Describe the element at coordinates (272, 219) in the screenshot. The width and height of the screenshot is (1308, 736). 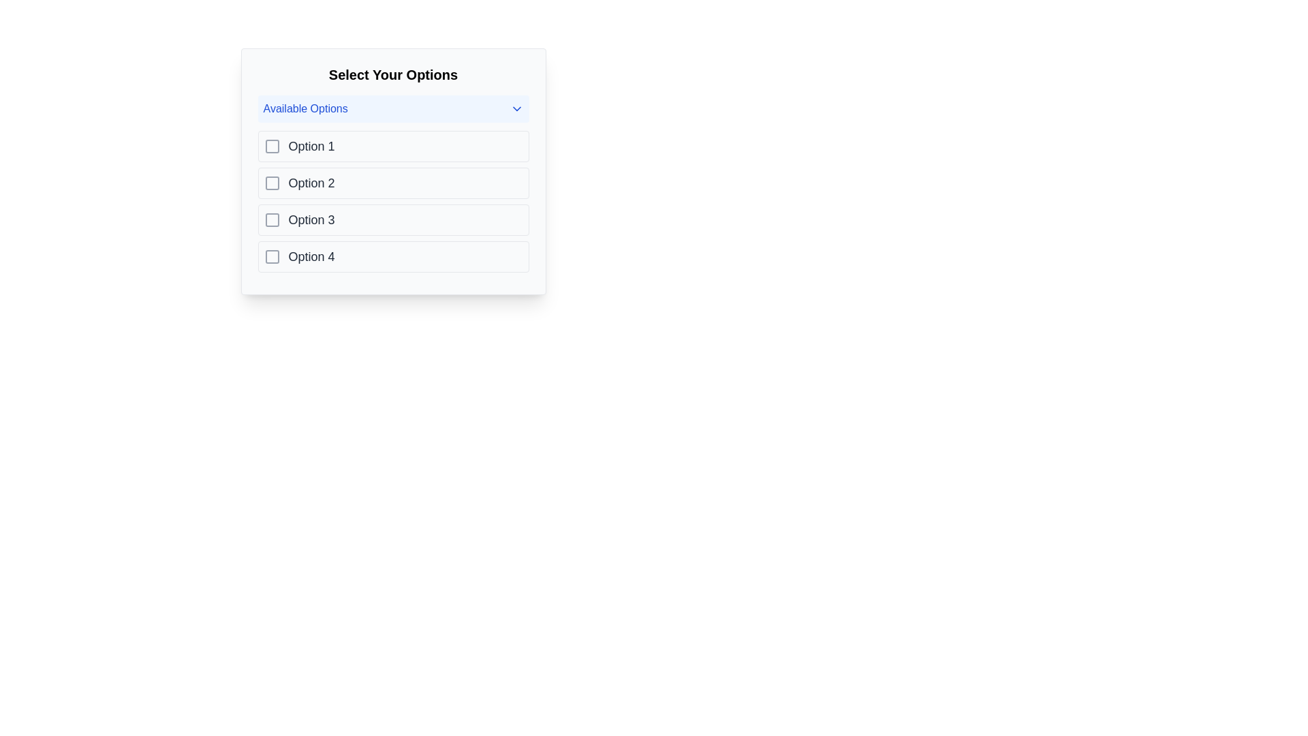
I see `the checkbox labeled 'Option 3'` at that location.